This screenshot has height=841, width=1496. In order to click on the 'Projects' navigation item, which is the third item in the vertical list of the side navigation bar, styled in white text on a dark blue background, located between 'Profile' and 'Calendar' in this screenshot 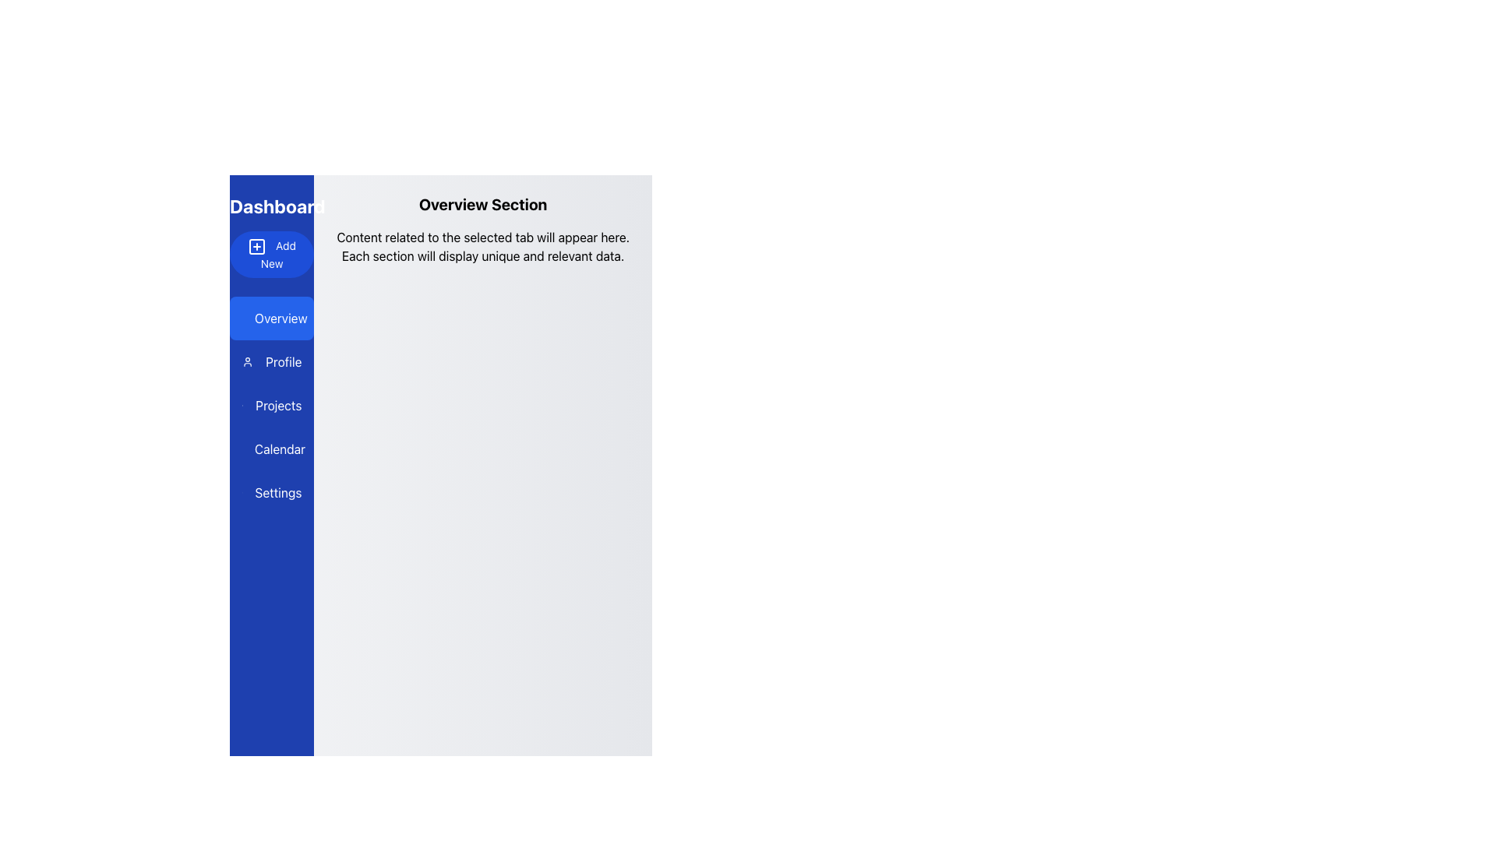, I will do `click(272, 404)`.